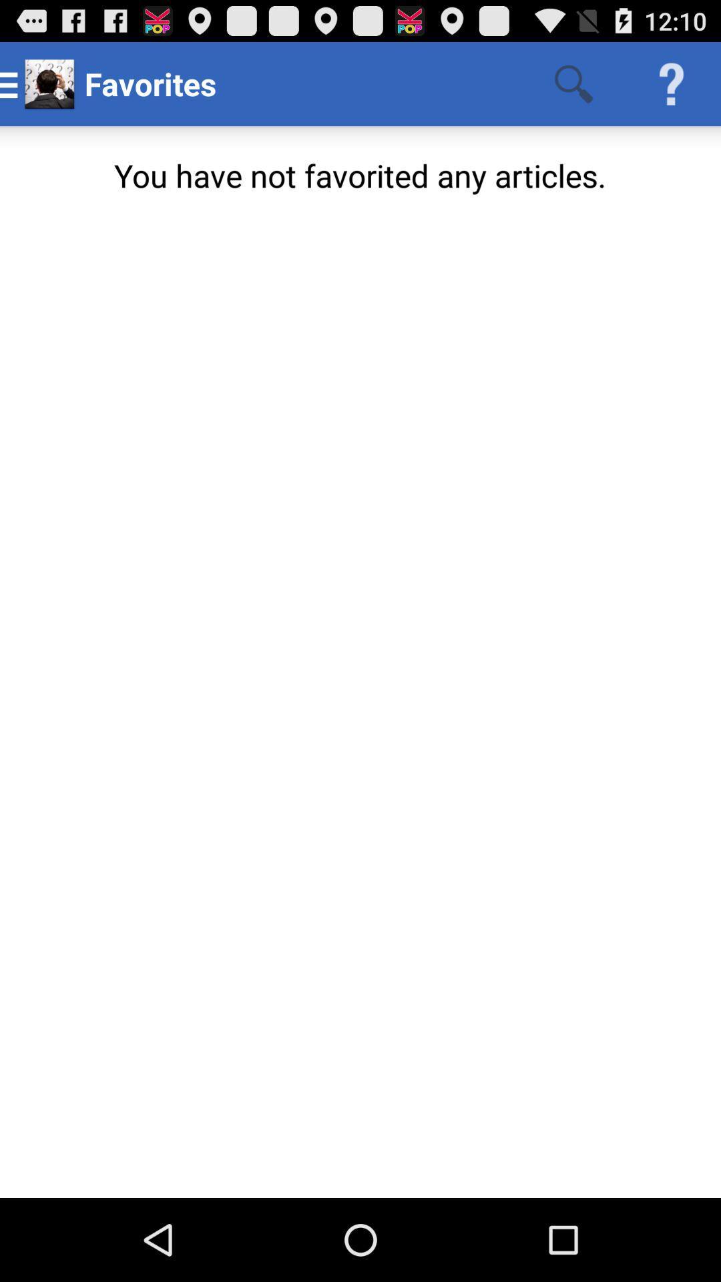 This screenshot has height=1282, width=721. I want to click on item next to the favorites icon, so click(573, 83).